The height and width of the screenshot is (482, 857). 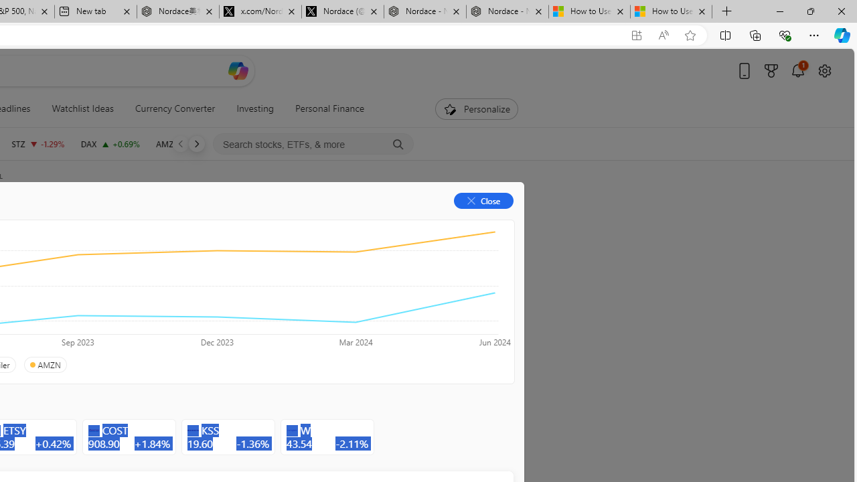 What do you see at coordinates (771, 70) in the screenshot?
I see `'Microsoft rewards'` at bounding box center [771, 70].